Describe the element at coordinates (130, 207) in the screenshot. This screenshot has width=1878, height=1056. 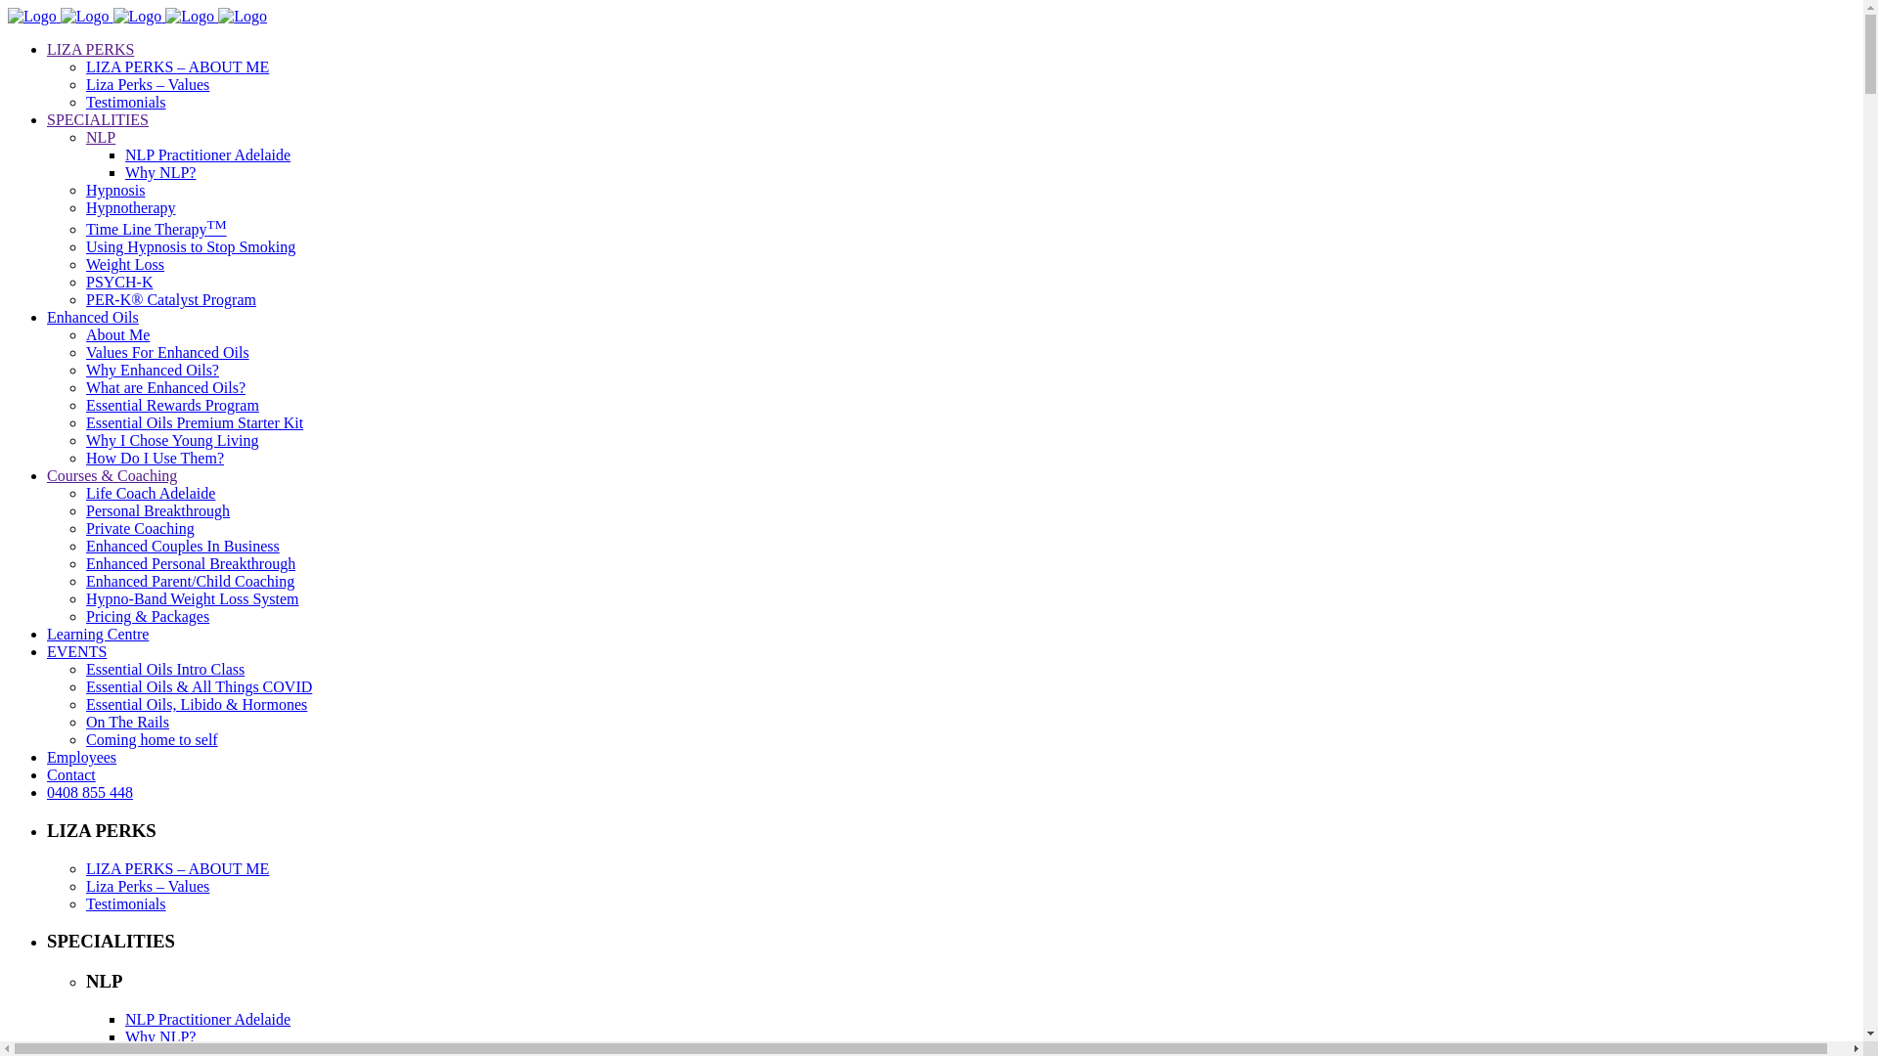
I see `'Hypnotherapy'` at that location.